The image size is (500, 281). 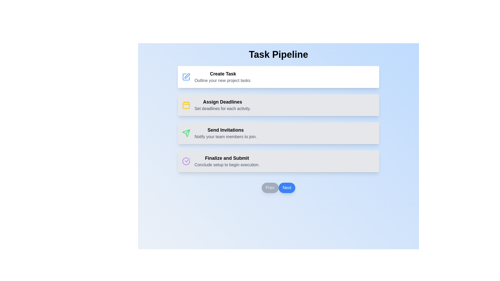 I want to click on the circular icon with a purple border and a checkmark inside, located at the top-left section of the 'Finalize and Submit' area for interaction, so click(x=186, y=161).